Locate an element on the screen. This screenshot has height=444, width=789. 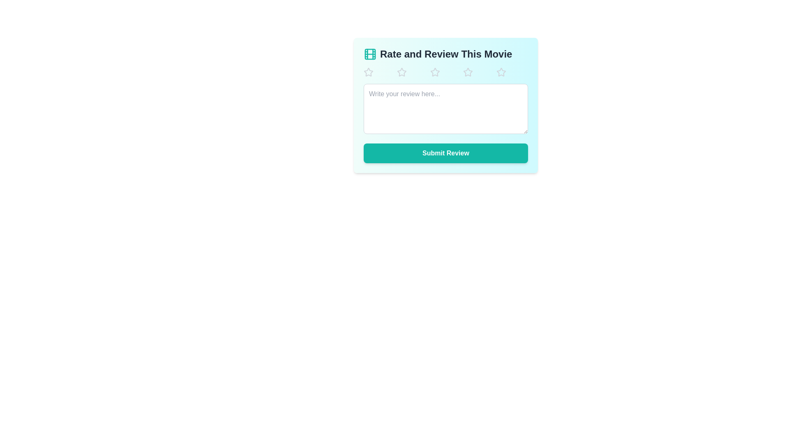
the star corresponding to 2 to set the movie rating is located at coordinates (412, 72).